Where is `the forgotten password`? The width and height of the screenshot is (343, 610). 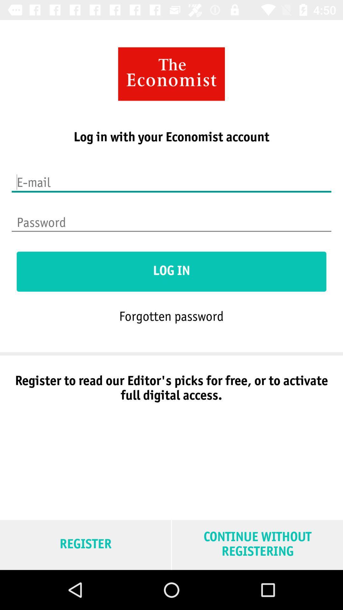
the forgotten password is located at coordinates (171, 316).